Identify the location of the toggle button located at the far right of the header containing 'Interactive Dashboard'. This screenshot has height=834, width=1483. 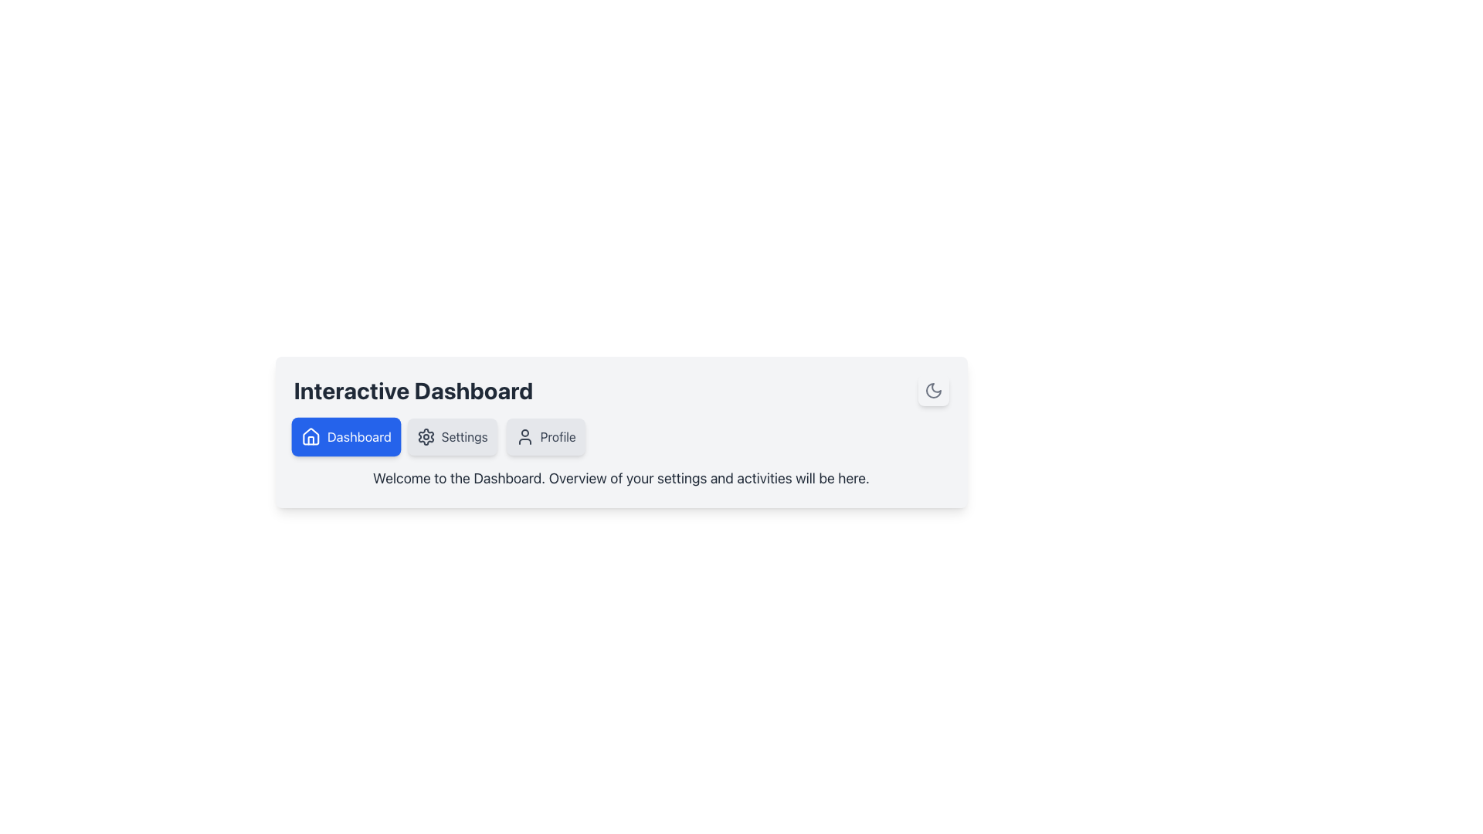
(932, 389).